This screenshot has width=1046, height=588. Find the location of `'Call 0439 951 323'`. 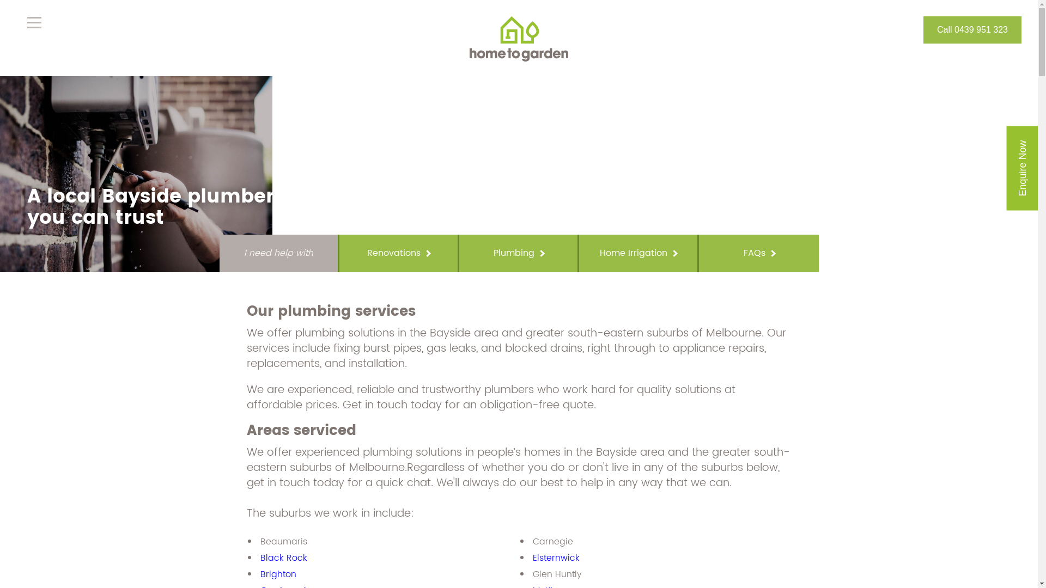

'Call 0439 951 323' is located at coordinates (972, 29).